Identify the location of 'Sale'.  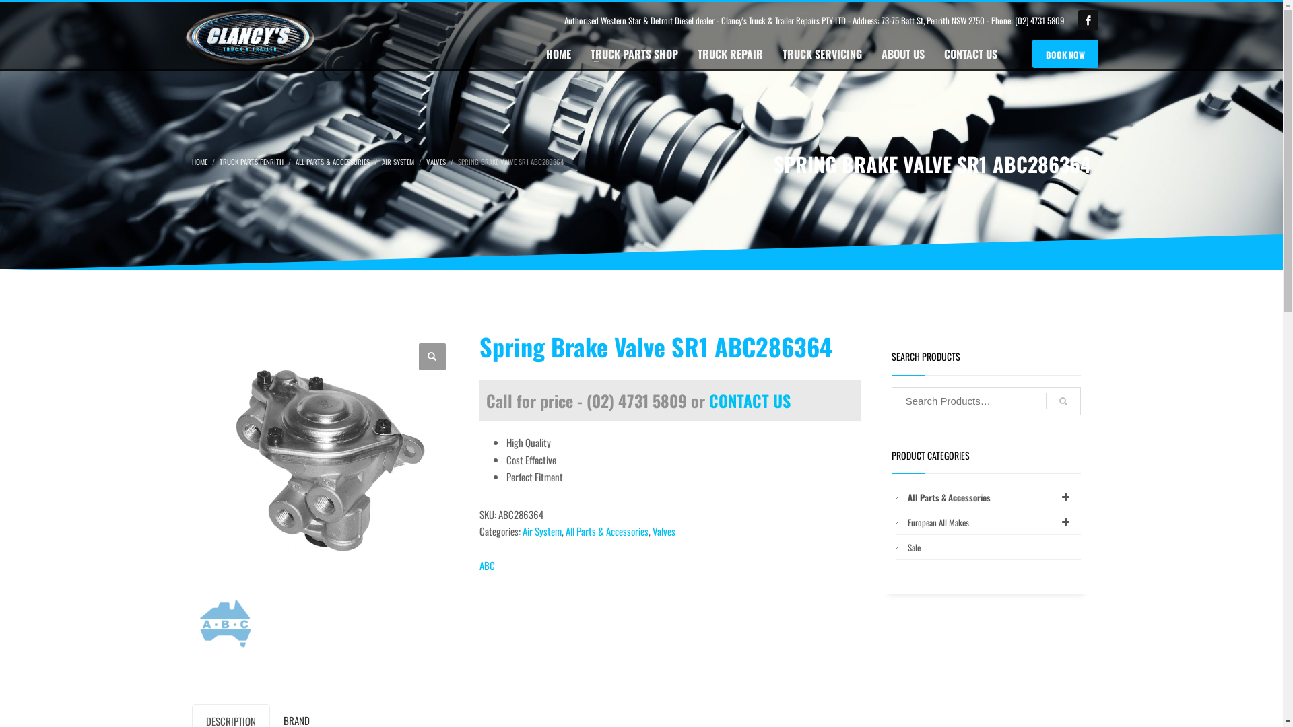
(904, 547).